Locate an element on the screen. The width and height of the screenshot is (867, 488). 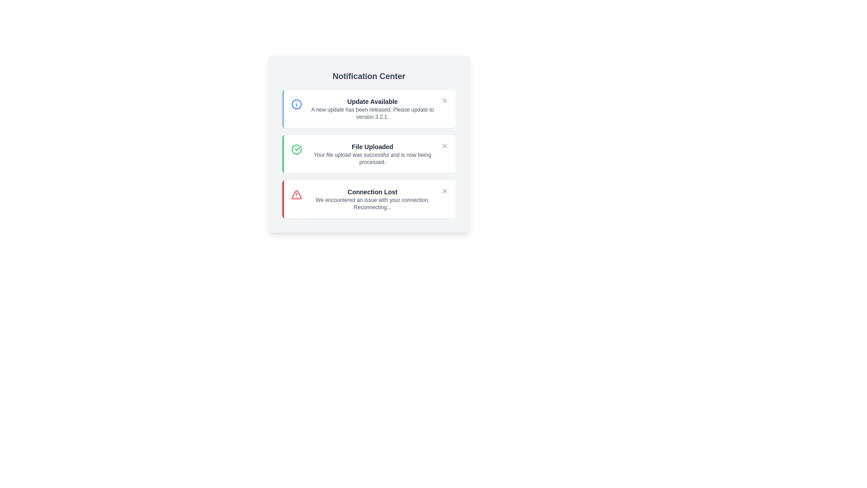
the Close button located in the top-right corner of the 'Connection Lost' notification card is located at coordinates (444, 191).